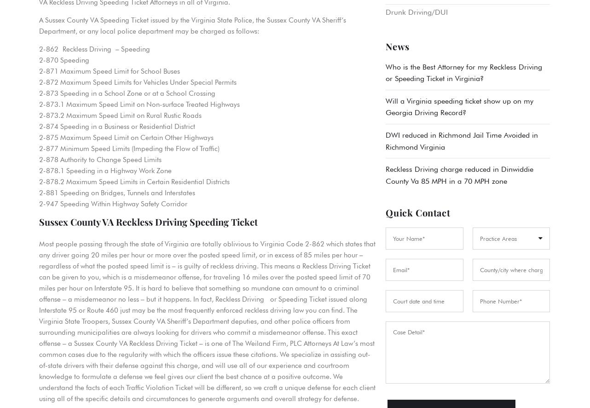 The width and height of the screenshot is (590, 408). I want to click on 'Hit & Run', so click(499, 302).